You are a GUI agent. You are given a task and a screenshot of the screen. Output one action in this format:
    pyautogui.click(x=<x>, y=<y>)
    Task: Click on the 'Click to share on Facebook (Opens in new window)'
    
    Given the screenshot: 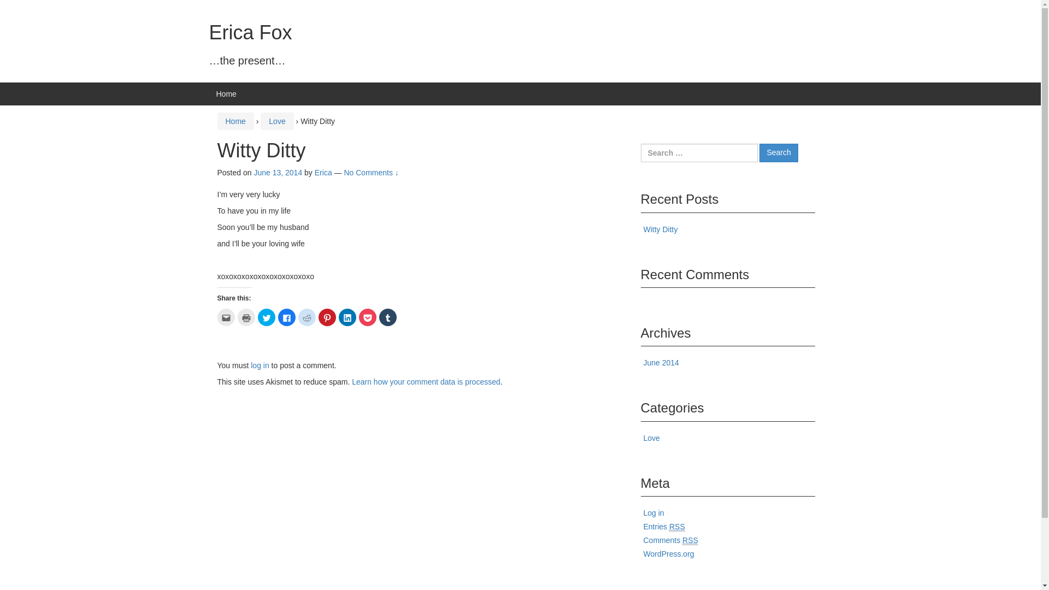 What is the action you would take?
    pyautogui.click(x=286, y=317)
    